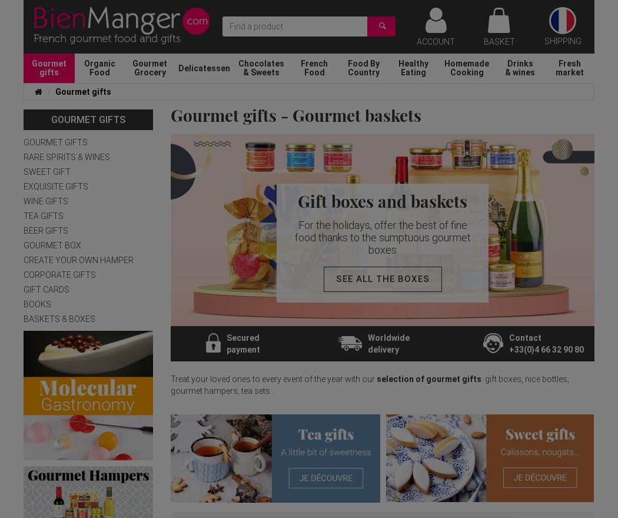 Image resolution: width=618 pixels, height=518 pixels. I want to click on 'Create your own hamper', so click(78, 260).